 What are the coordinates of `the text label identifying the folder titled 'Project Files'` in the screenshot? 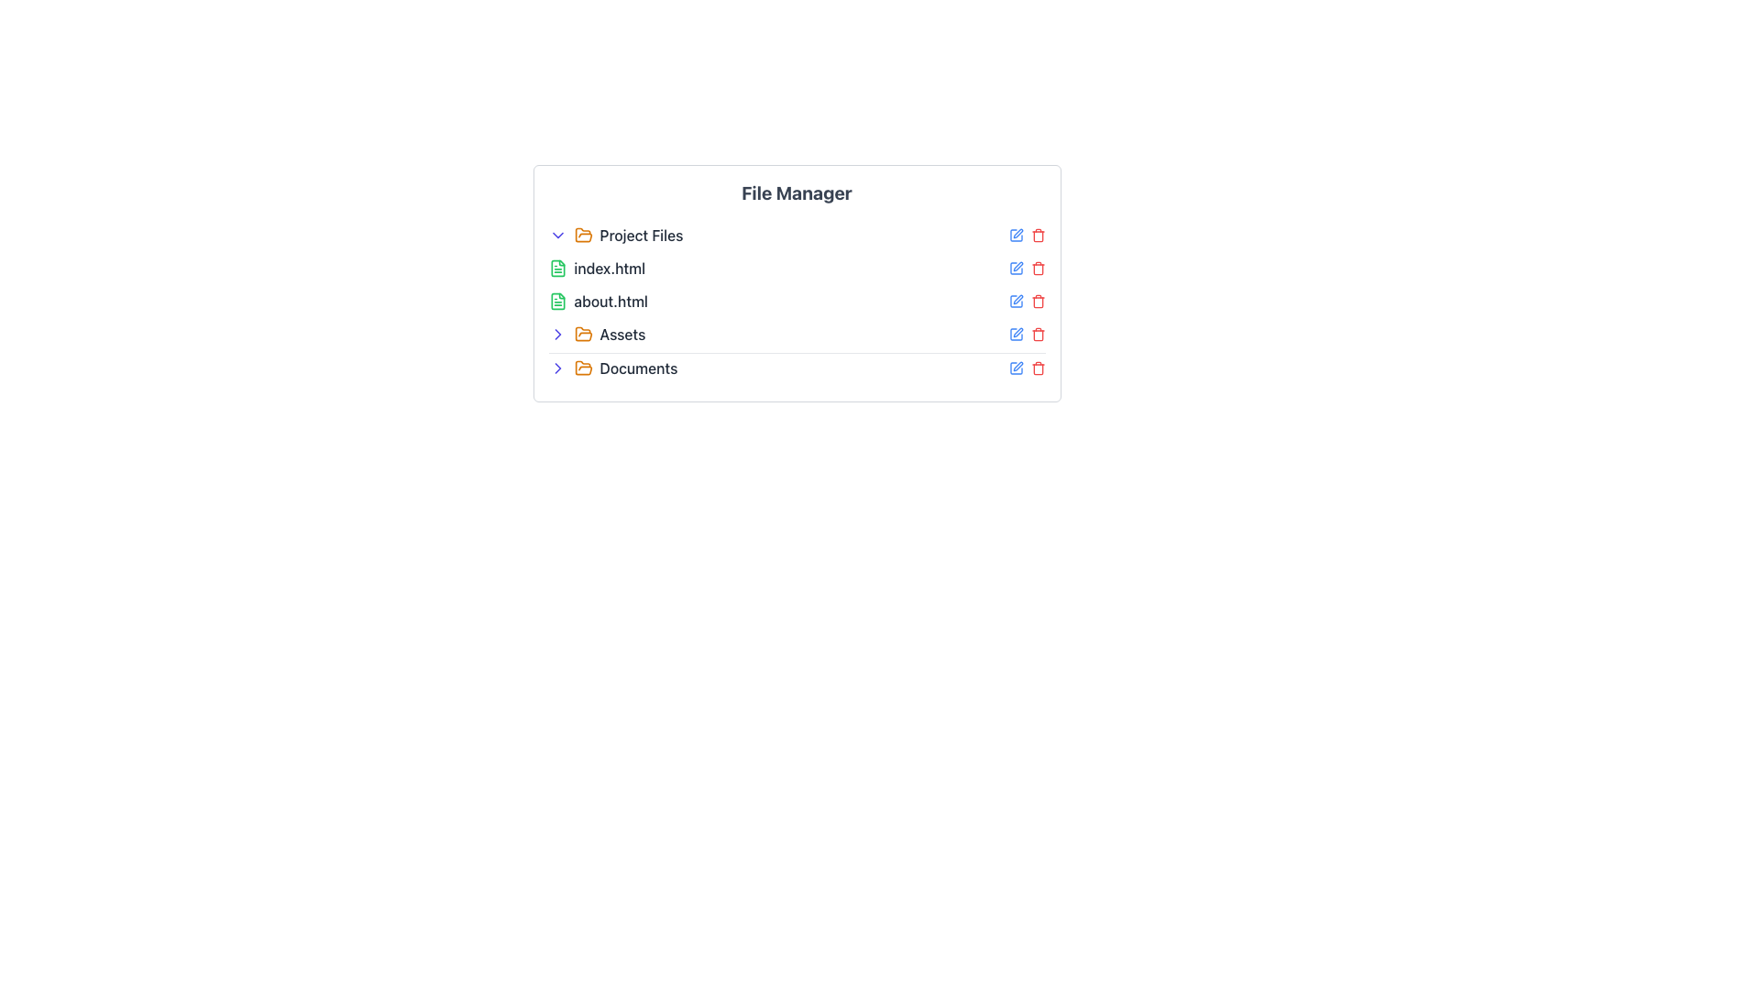 It's located at (641, 235).